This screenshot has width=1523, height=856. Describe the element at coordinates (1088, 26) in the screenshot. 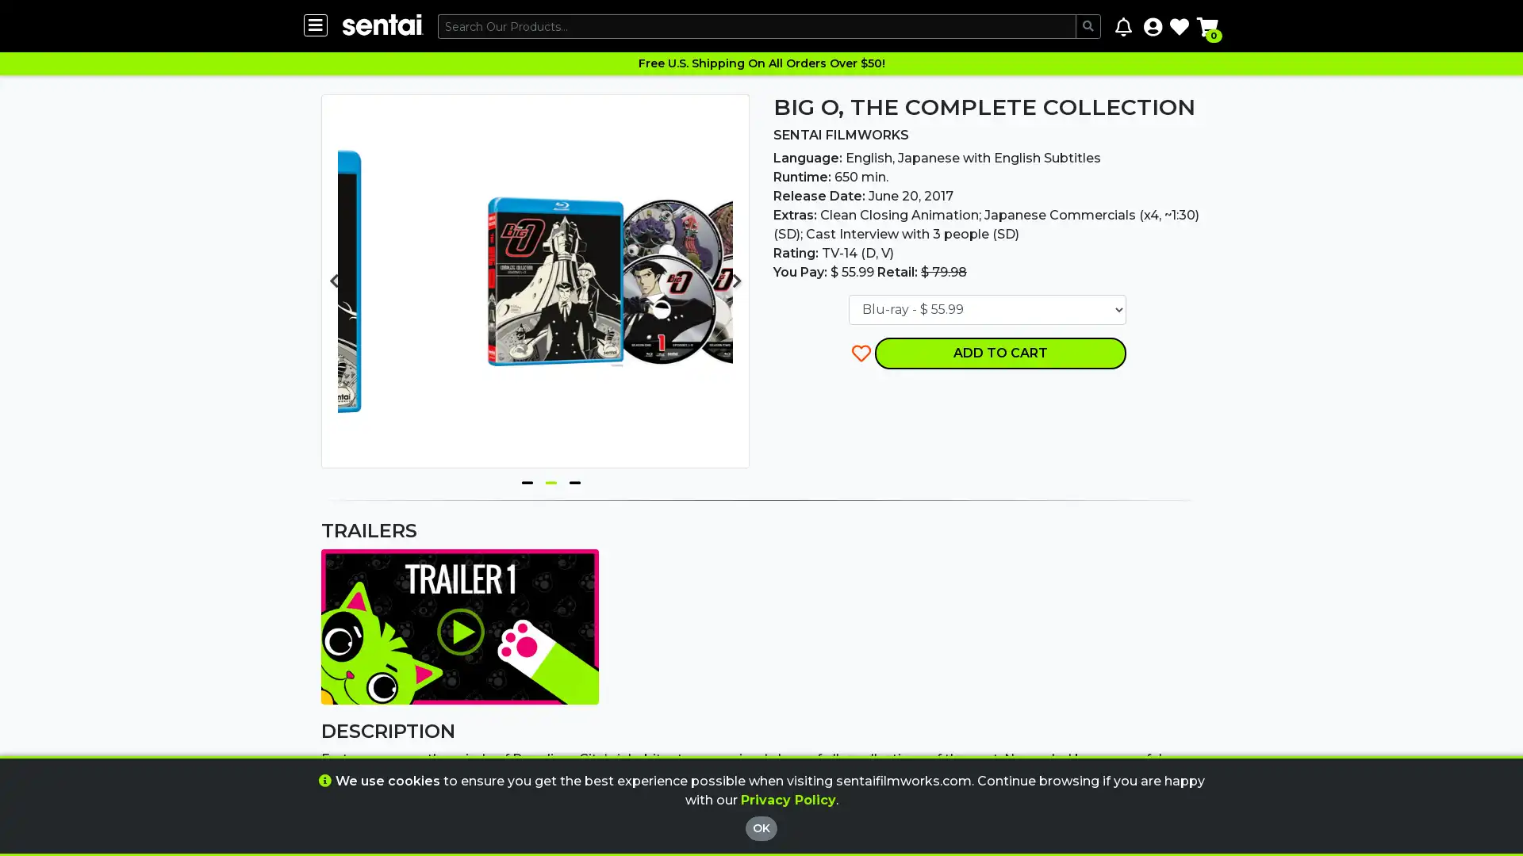

I see `Search Button` at that location.